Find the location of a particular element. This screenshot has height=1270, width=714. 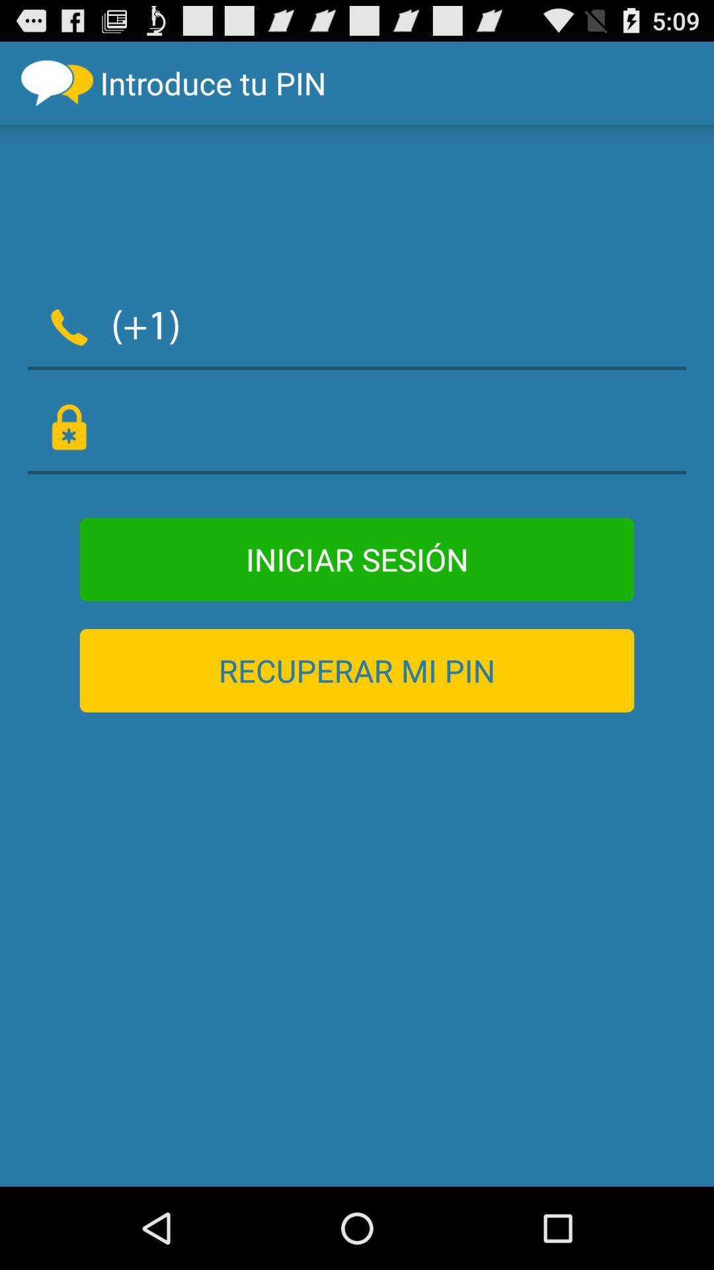

pin is located at coordinates (357, 429).